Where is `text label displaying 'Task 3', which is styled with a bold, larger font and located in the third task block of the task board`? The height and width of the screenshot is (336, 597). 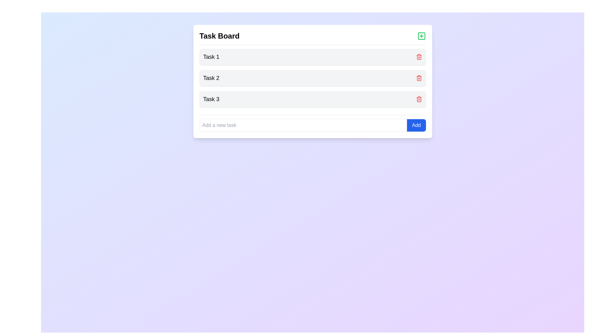
text label displaying 'Task 3', which is styled with a bold, larger font and located in the third task block of the task board is located at coordinates (211, 99).